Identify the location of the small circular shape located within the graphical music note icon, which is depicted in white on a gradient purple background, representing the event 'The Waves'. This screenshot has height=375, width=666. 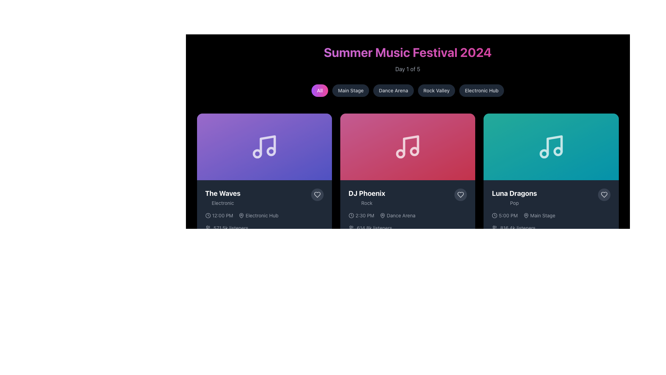
(271, 151).